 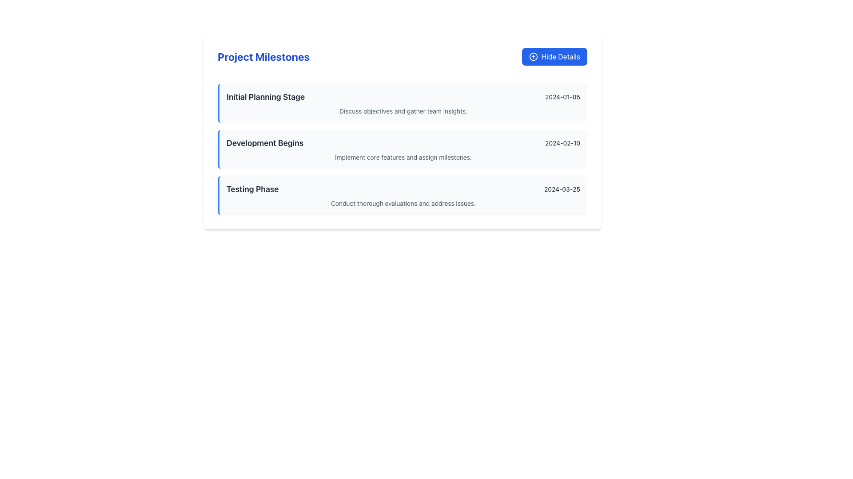 What do you see at coordinates (533, 56) in the screenshot?
I see `the circular graphic inside the '+' icon of the 'Hide Details' button, located at the top right corner of the 'Project Milestones' section` at bounding box center [533, 56].